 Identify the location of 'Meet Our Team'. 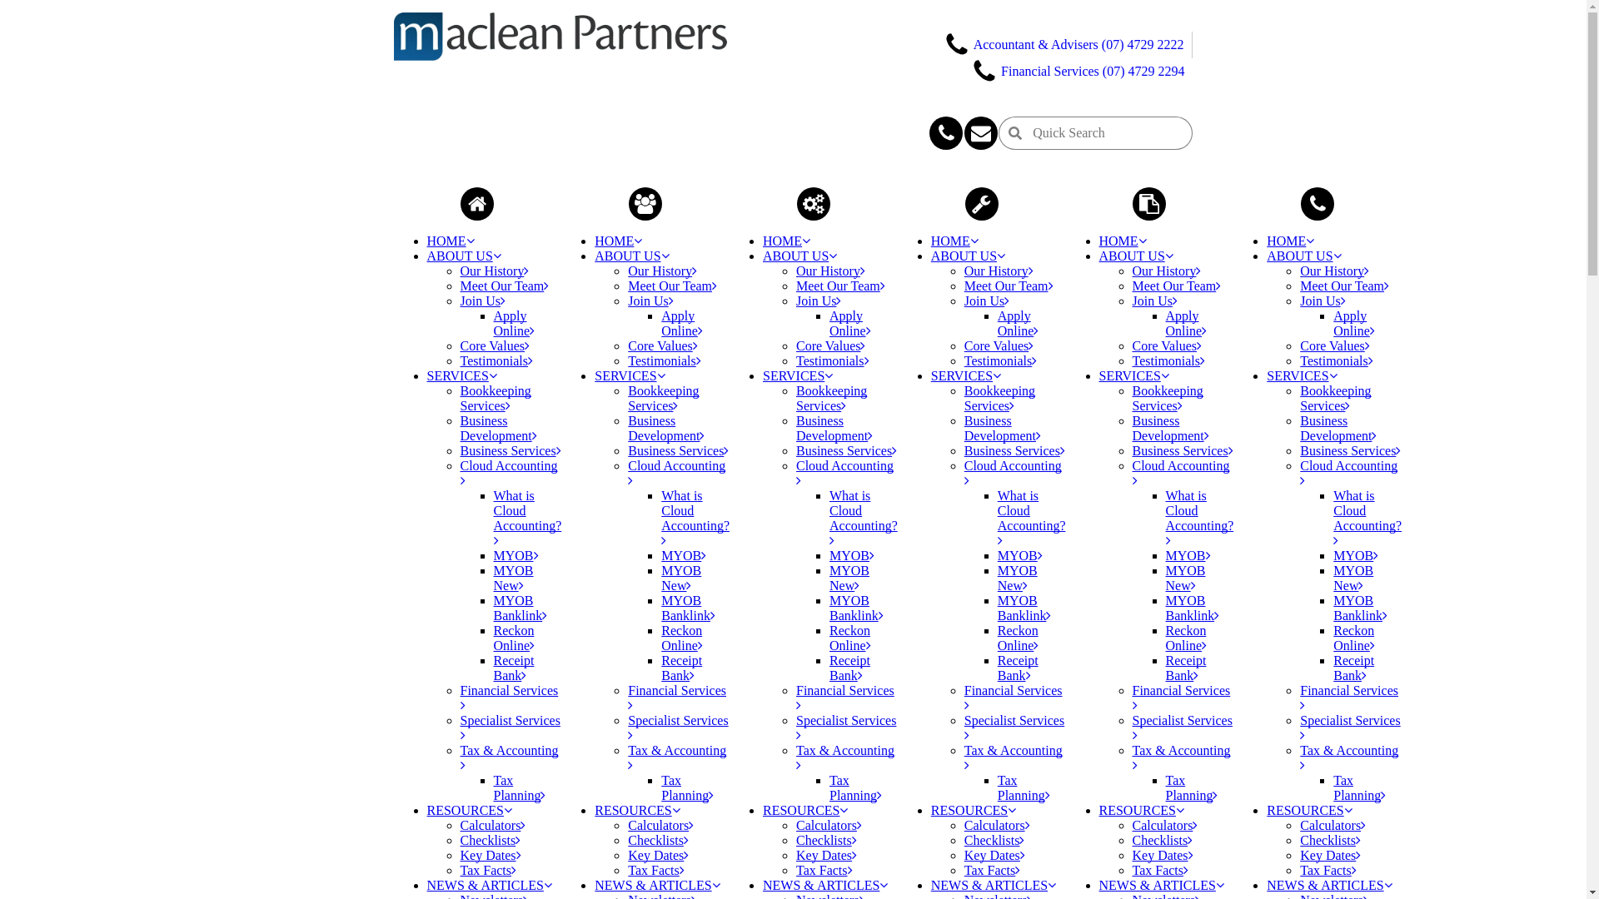
(1344, 285).